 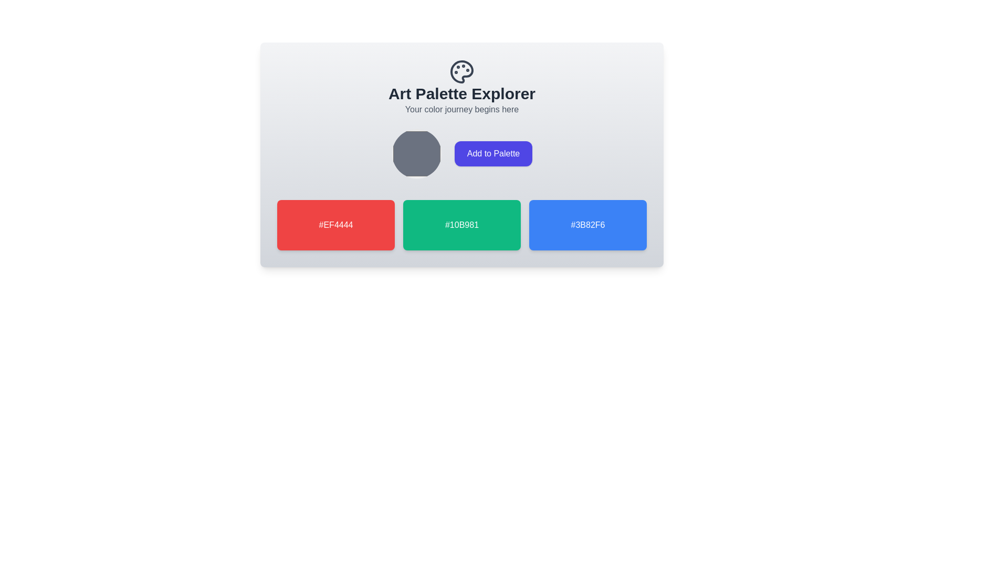 I want to click on the informational Text Label positioned below the 'Art Palette Explorer' title text, which serves as a subtitle or guide for users, so click(x=461, y=109).